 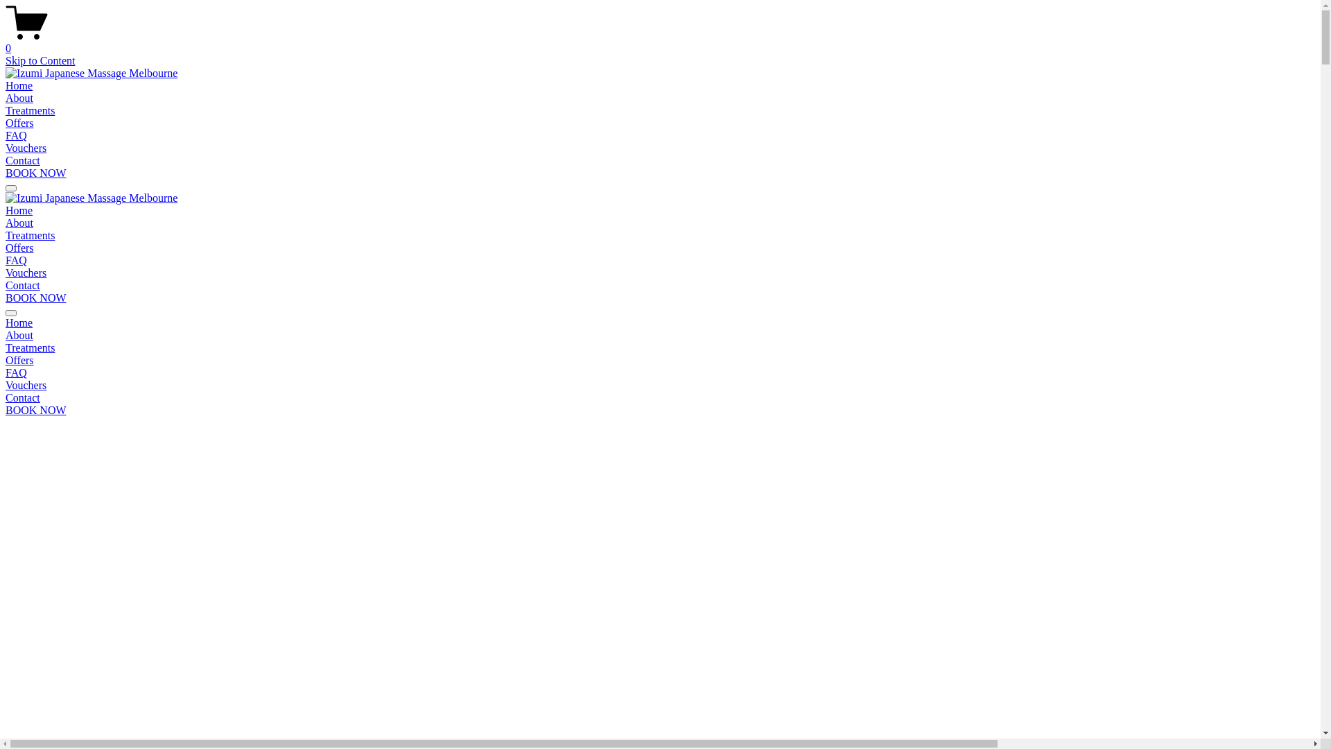 What do you see at coordinates (40, 60) in the screenshot?
I see `'Skip to Content'` at bounding box center [40, 60].